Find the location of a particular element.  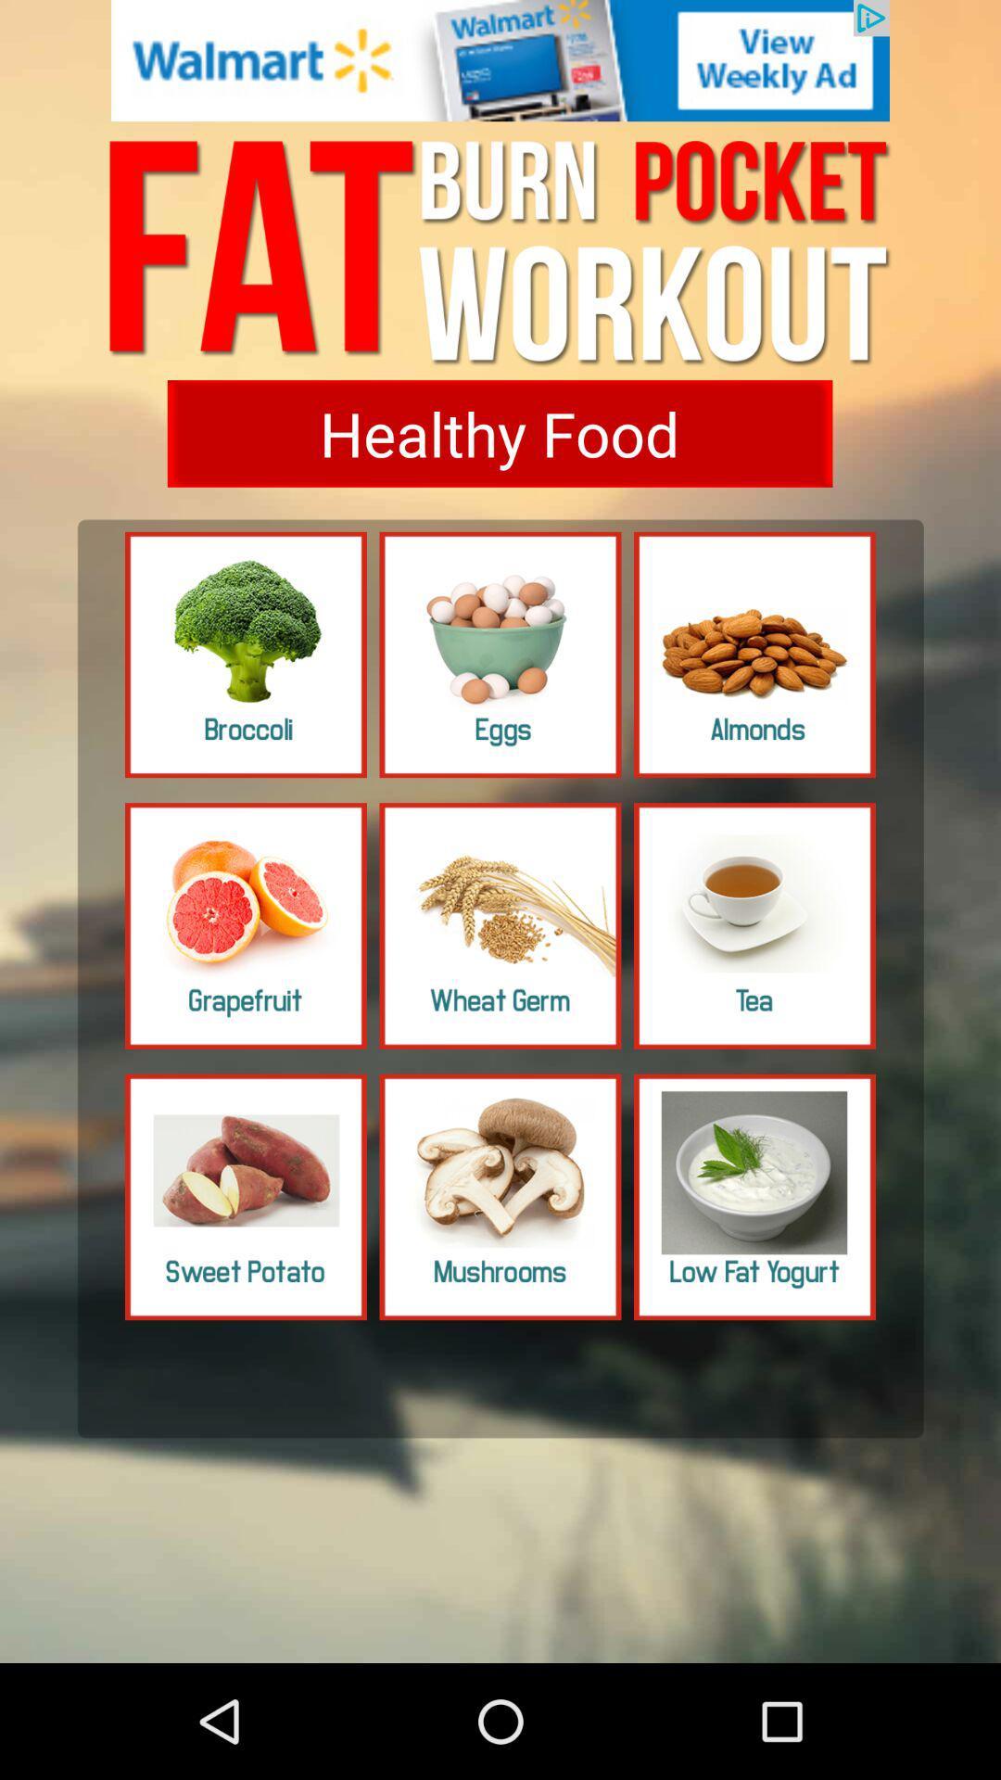

food panel is located at coordinates (245, 655).